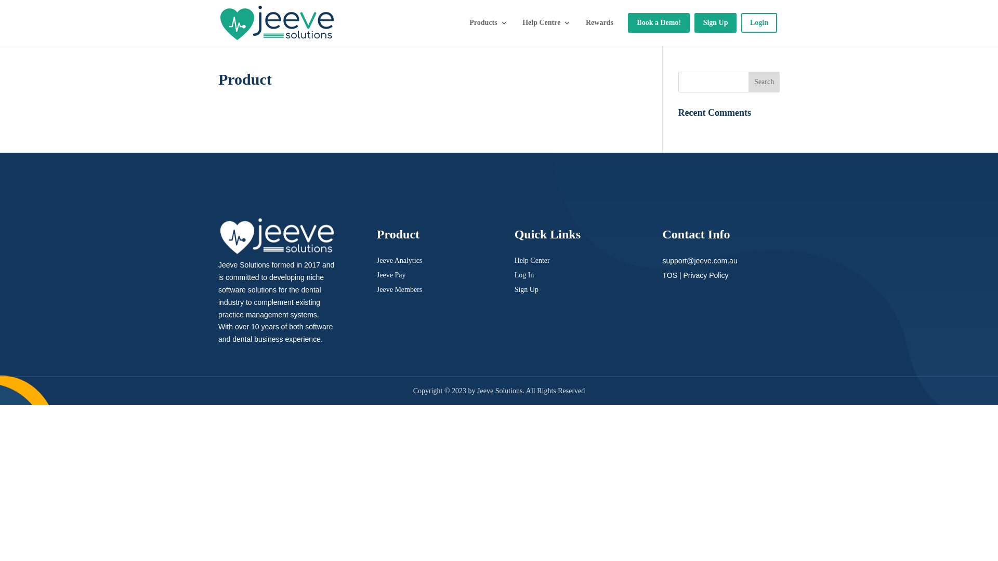 The width and height of the screenshot is (998, 561). What do you see at coordinates (764, 82) in the screenshot?
I see `'Search'` at bounding box center [764, 82].